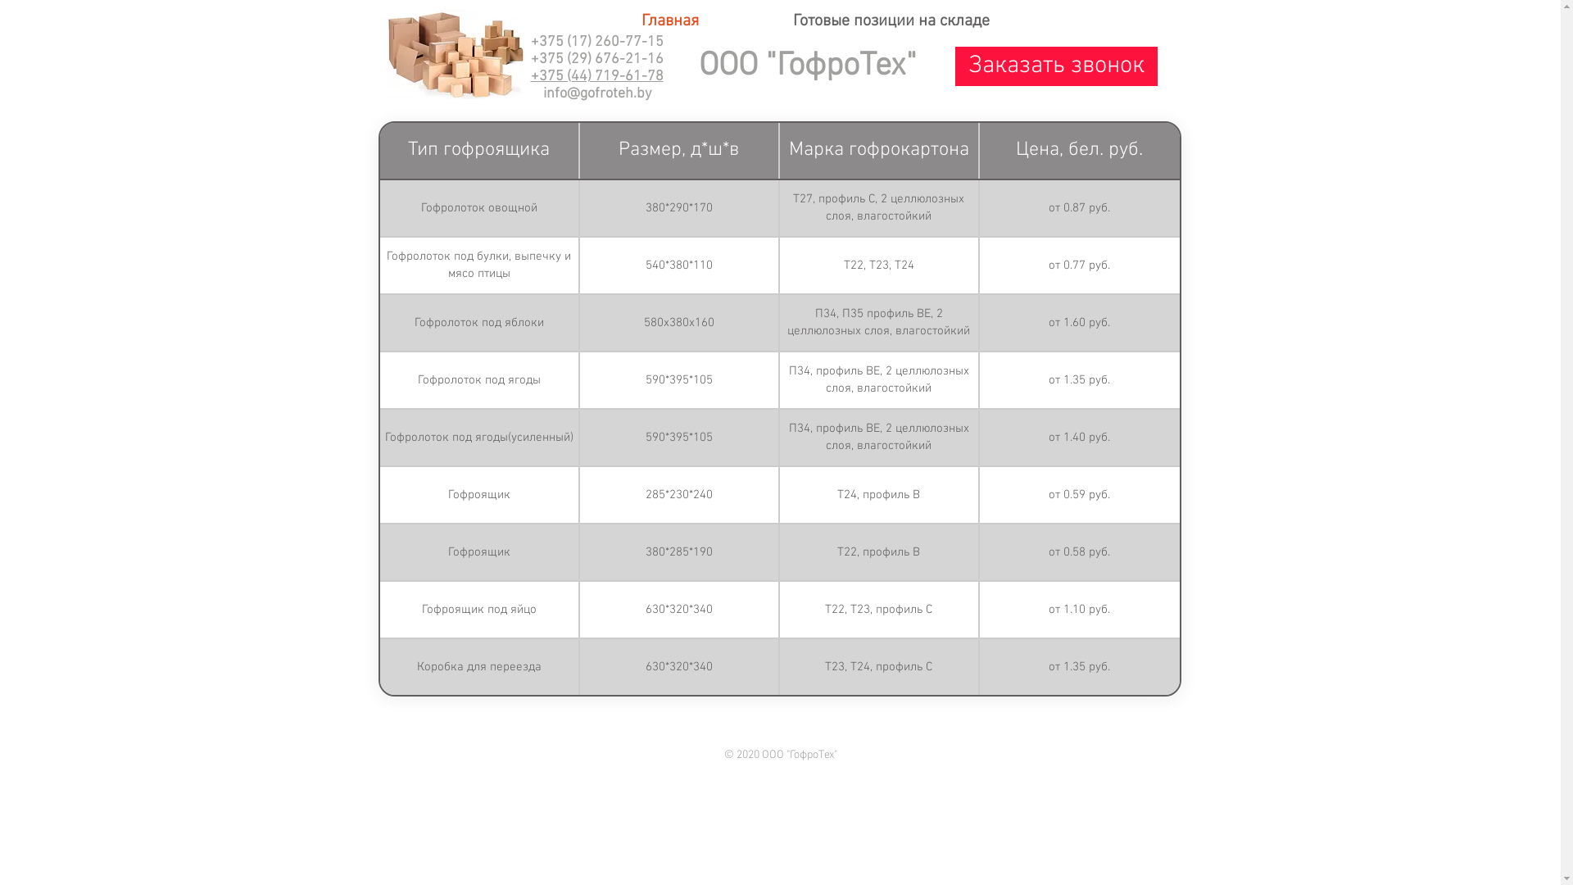 This screenshot has height=885, width=1573. Describe the element at coordinates (596, 93) in the screenshot. I see `'info@gofroteh.by'` at that location.